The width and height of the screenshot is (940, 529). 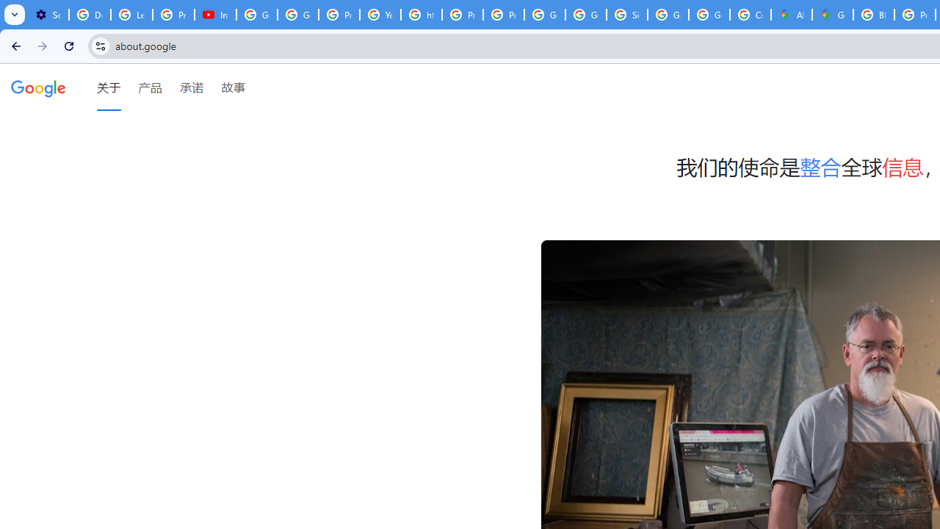 I want to click on 'Google Account Help', so click(x=257, y=15).